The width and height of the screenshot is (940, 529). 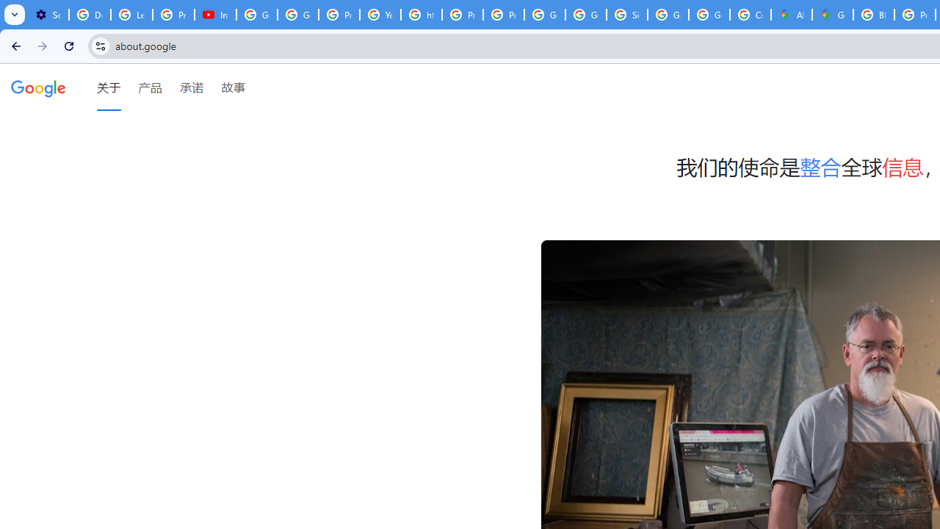 I want to click on 'Google Account Help', so click(x=257, y=15).